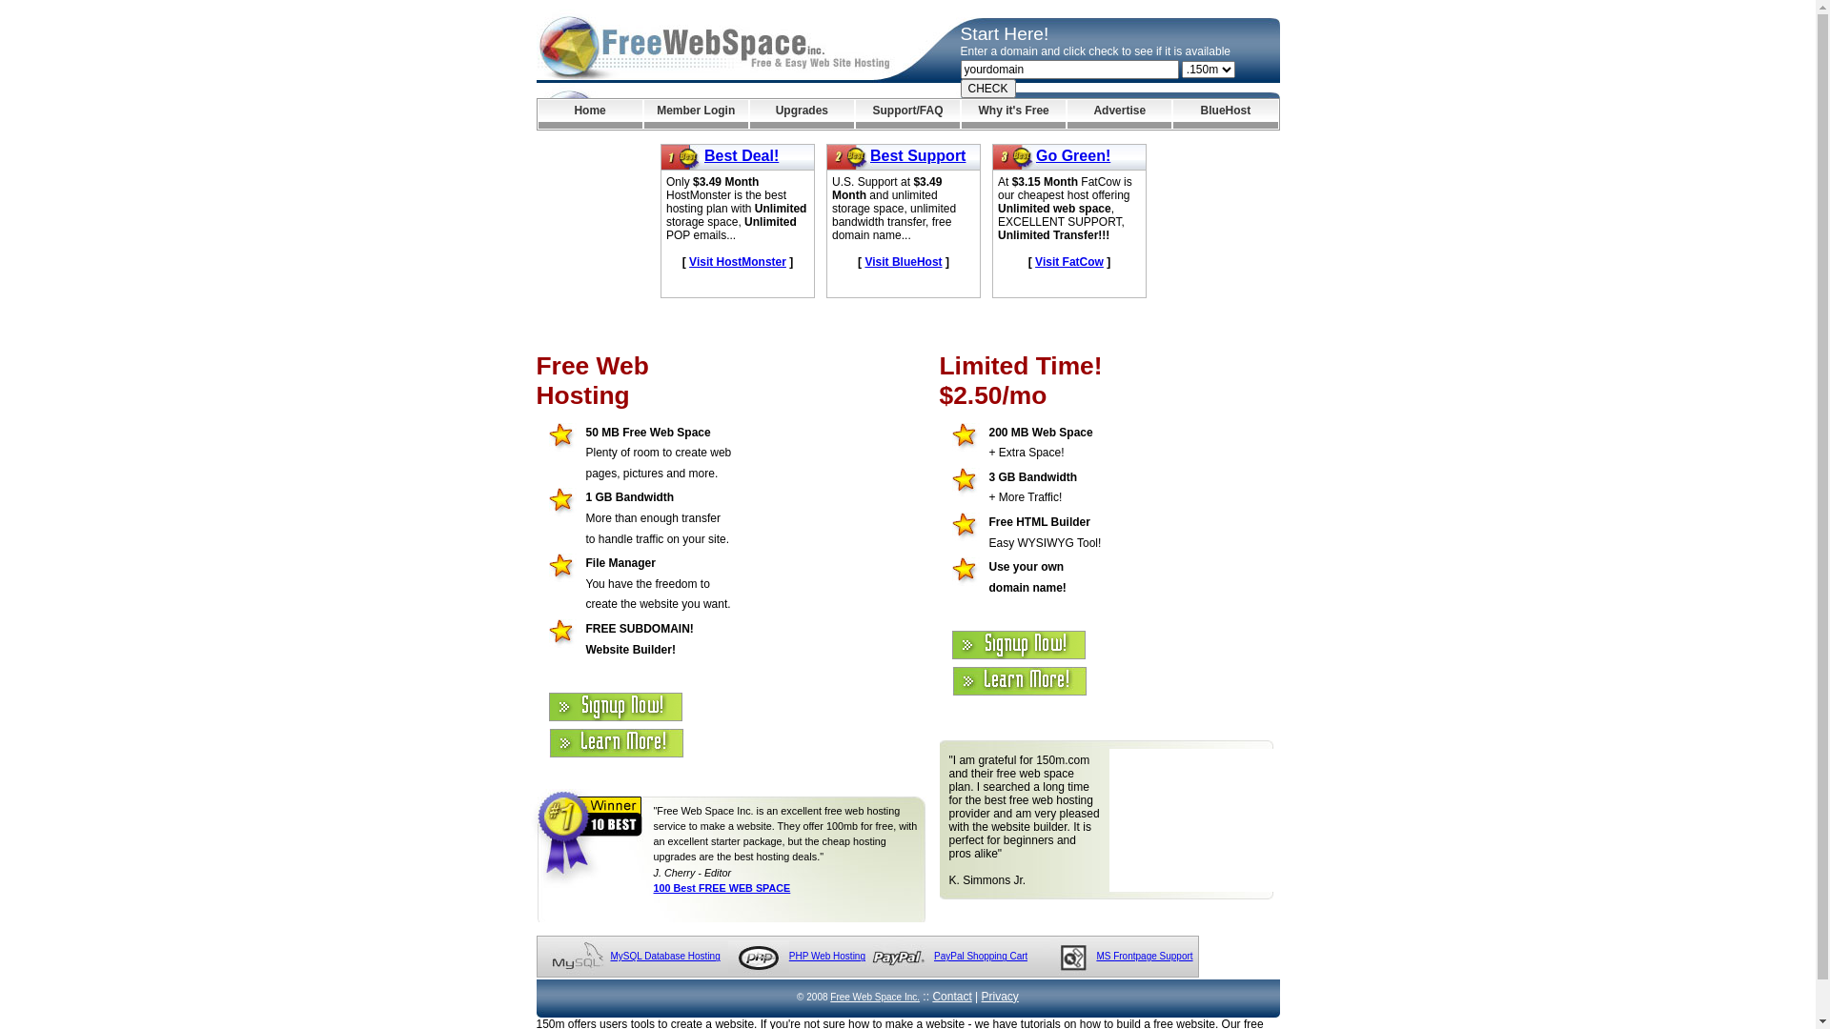 This screenshot has height=1029, width=1830. What do you see at coordinates (951, 995) in the screenshot?
I see `'Contact'` at bounding box center [951, 995].